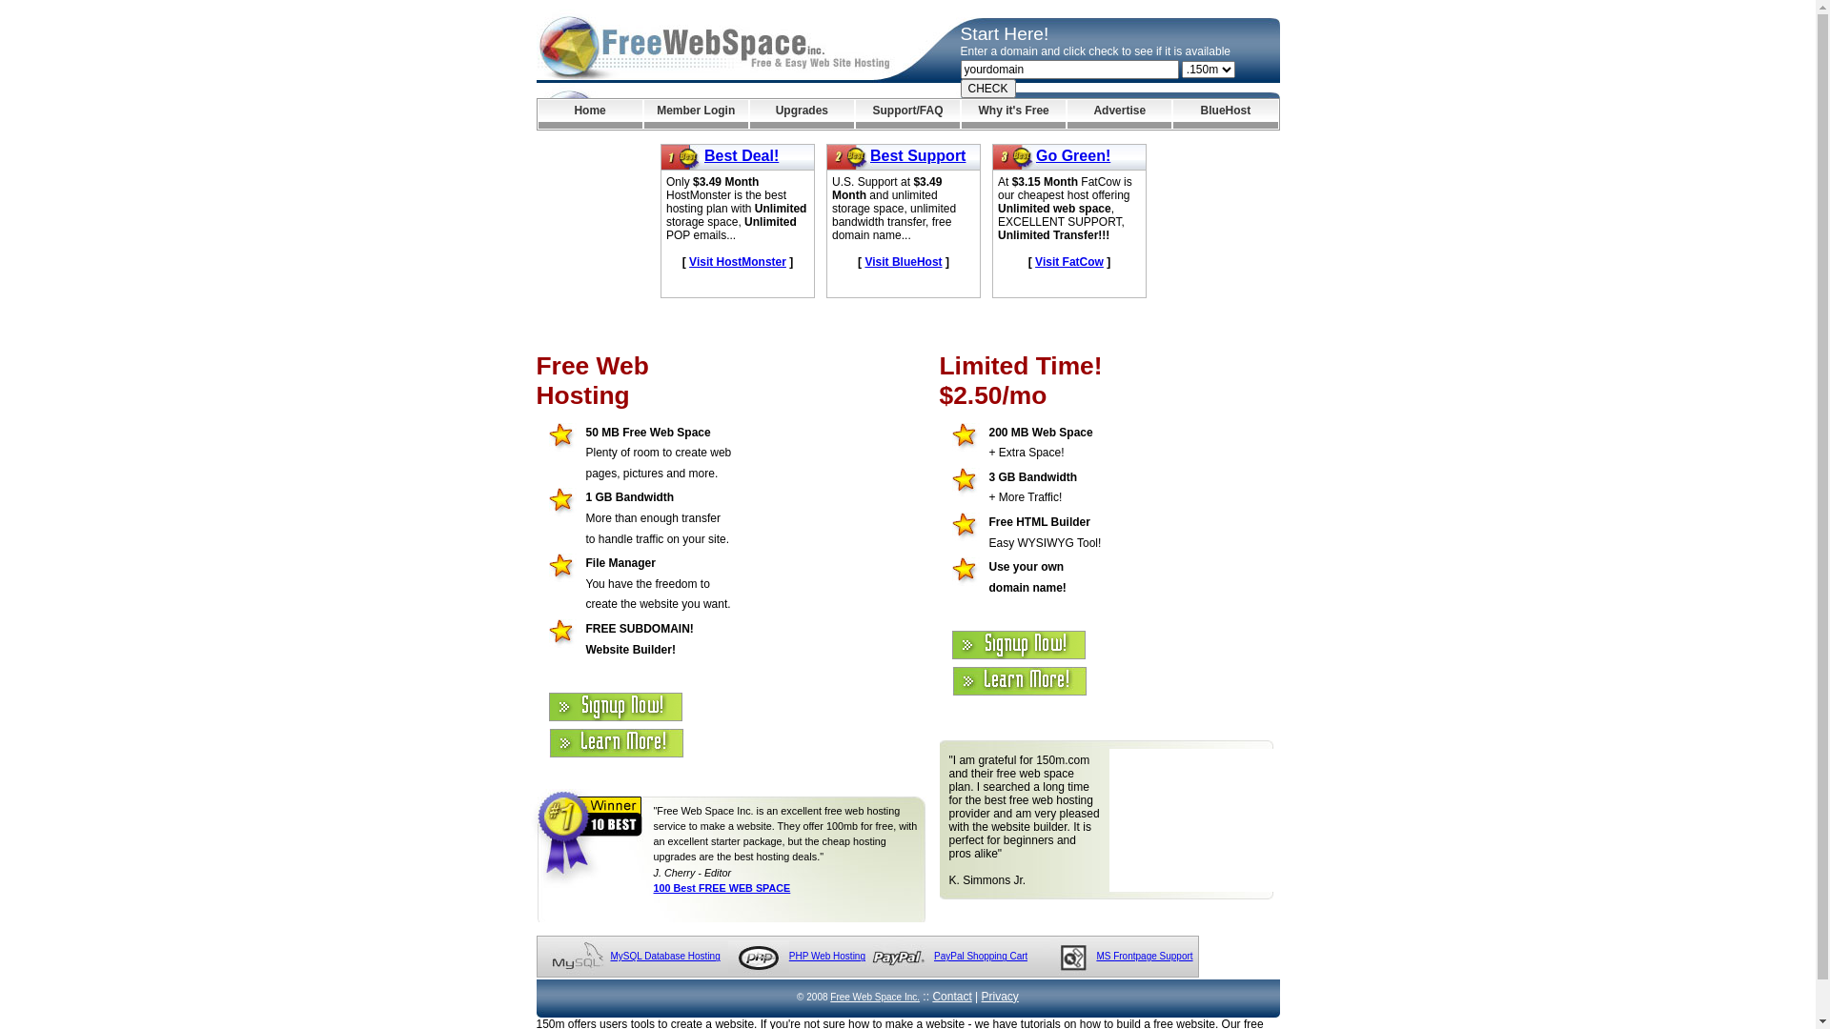 This screenshot has height=1029, width=1830. What do you see at coordinates (951, 995) in the screenshot?
I see `'Contact'` at bounding box center [951, 995].